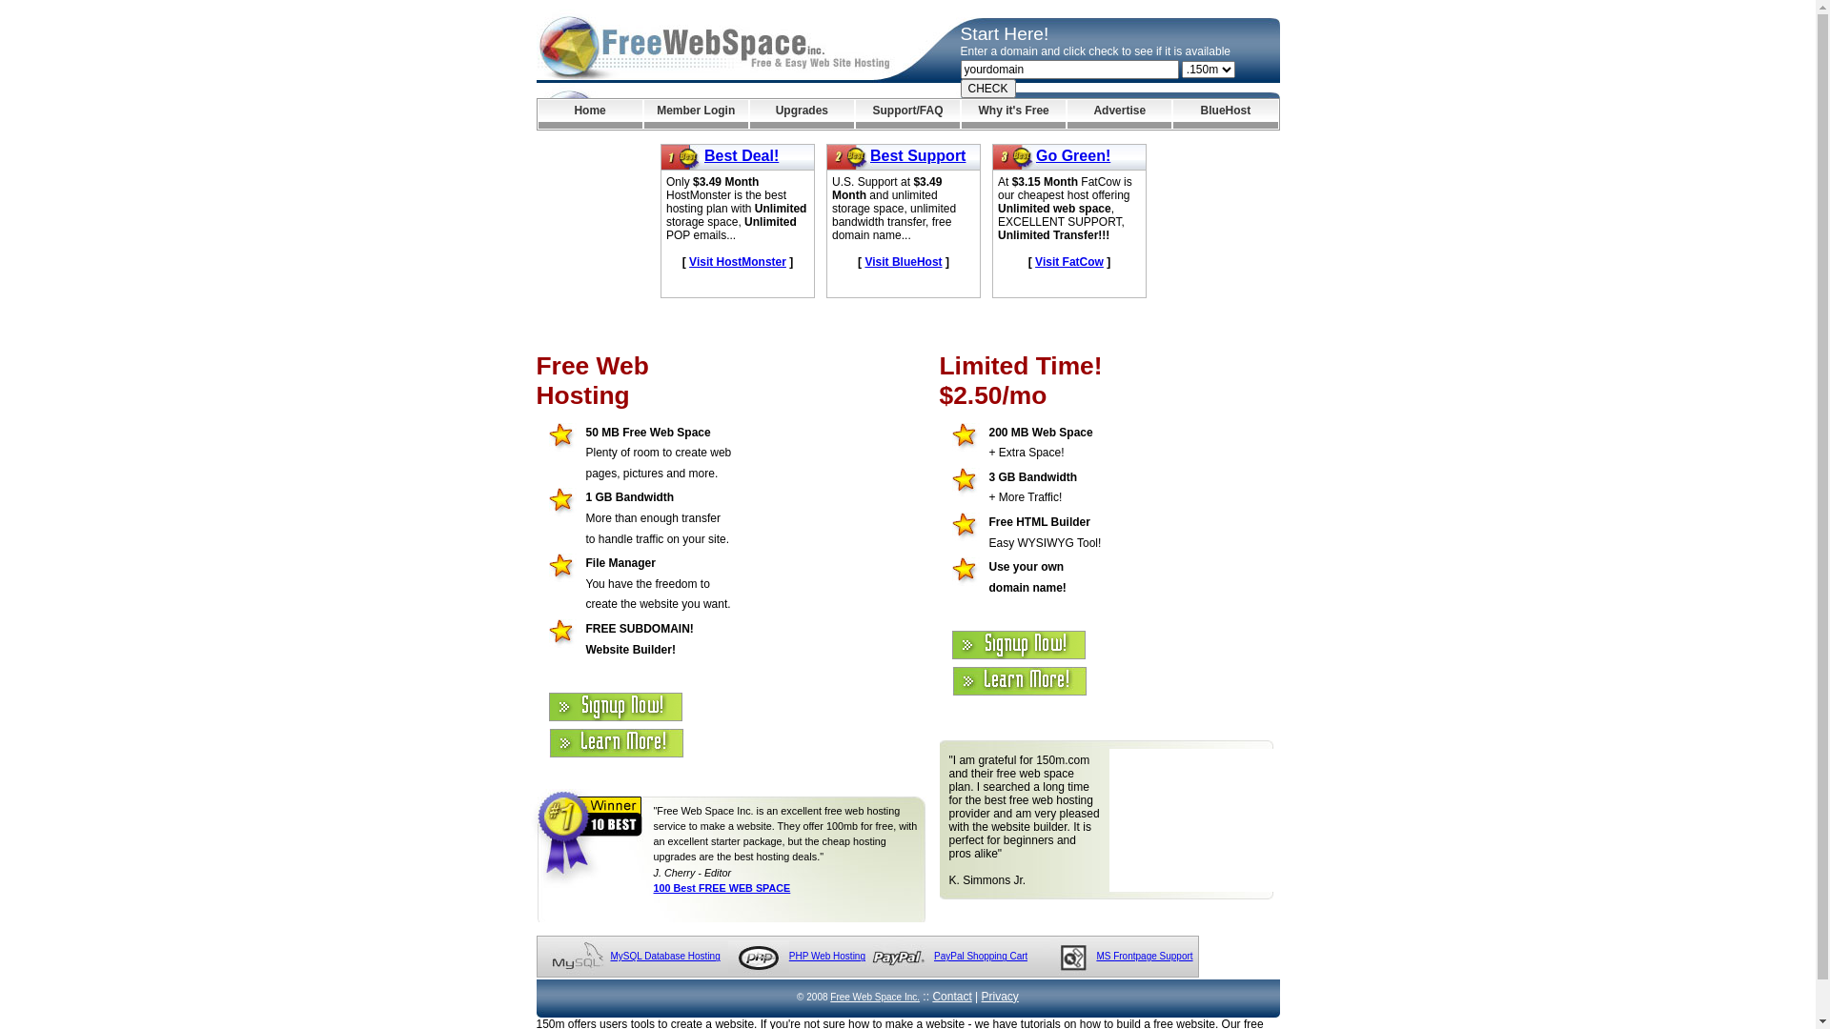 This screenshot has height=1029, width=1830. What do you see at coordinates (951, 995) in the screenshot?
I see `'Contact'` at bounding box center [951, 995].